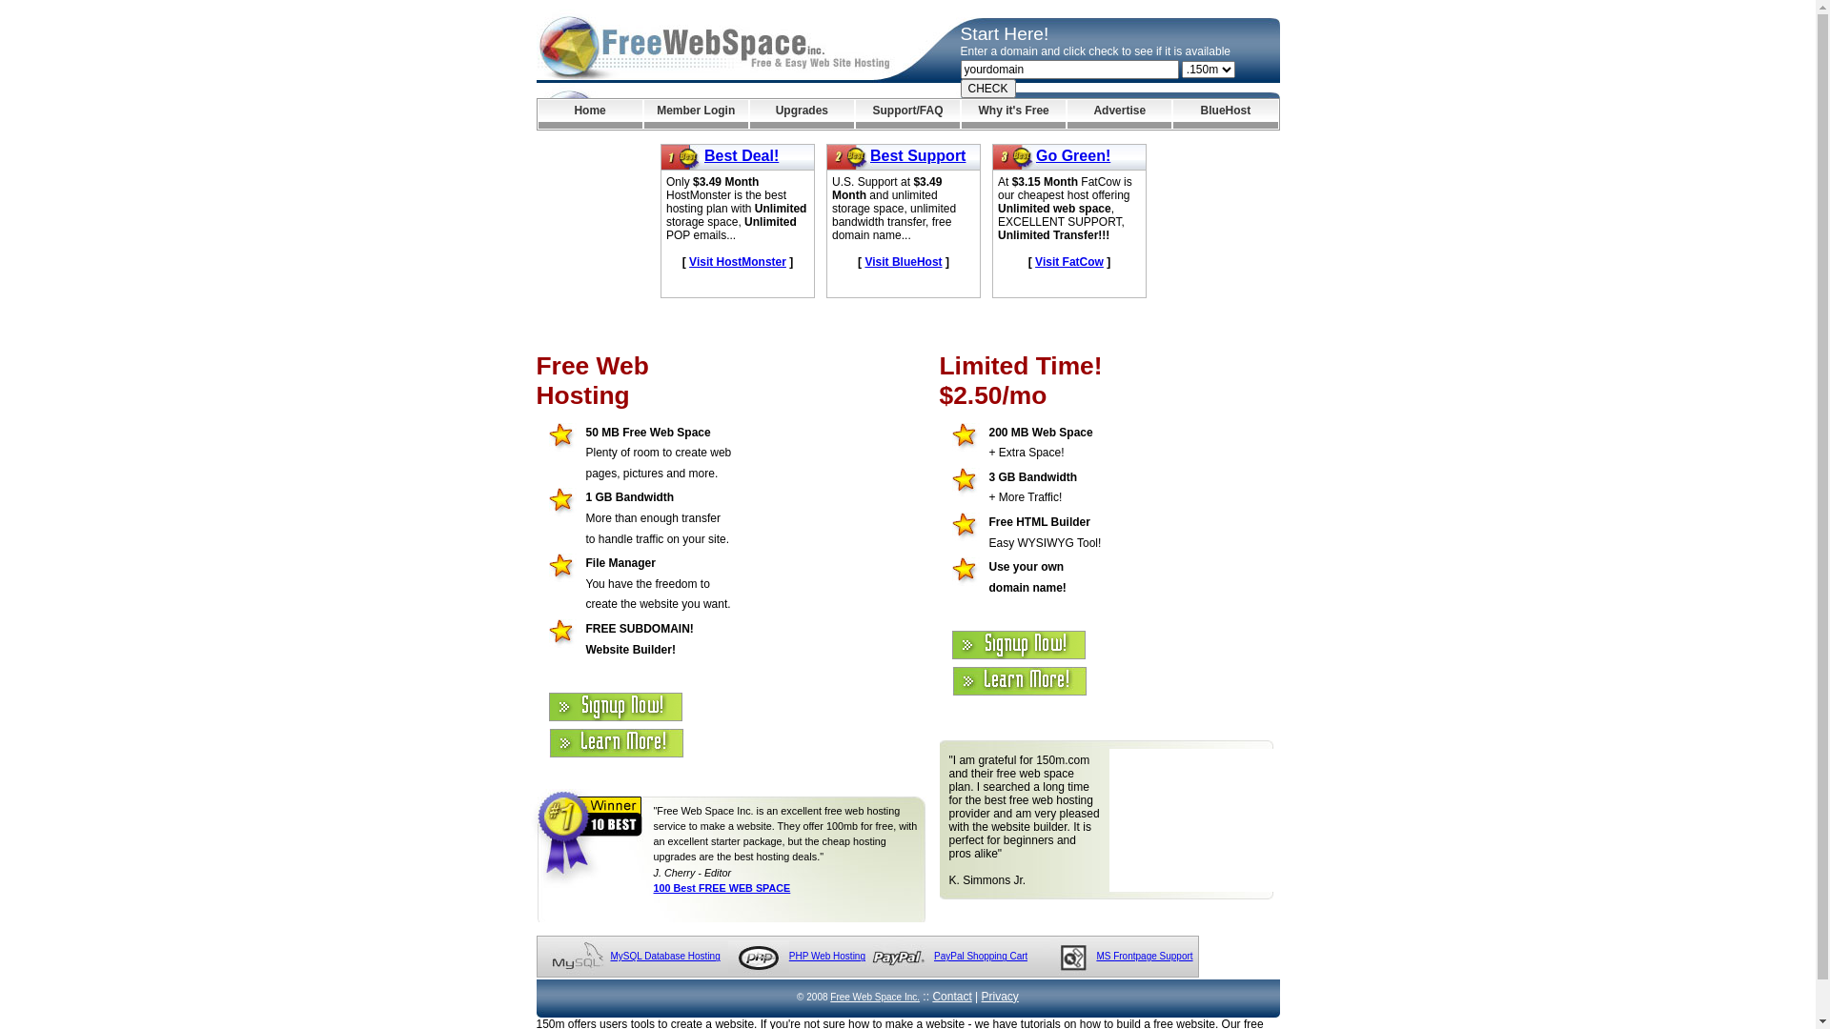 This screenshot has height=1029, width=1830. What do you see at coordinates (951, 995) in the screenshot?
I see `'Contact'` at bounding box center [951, 995].